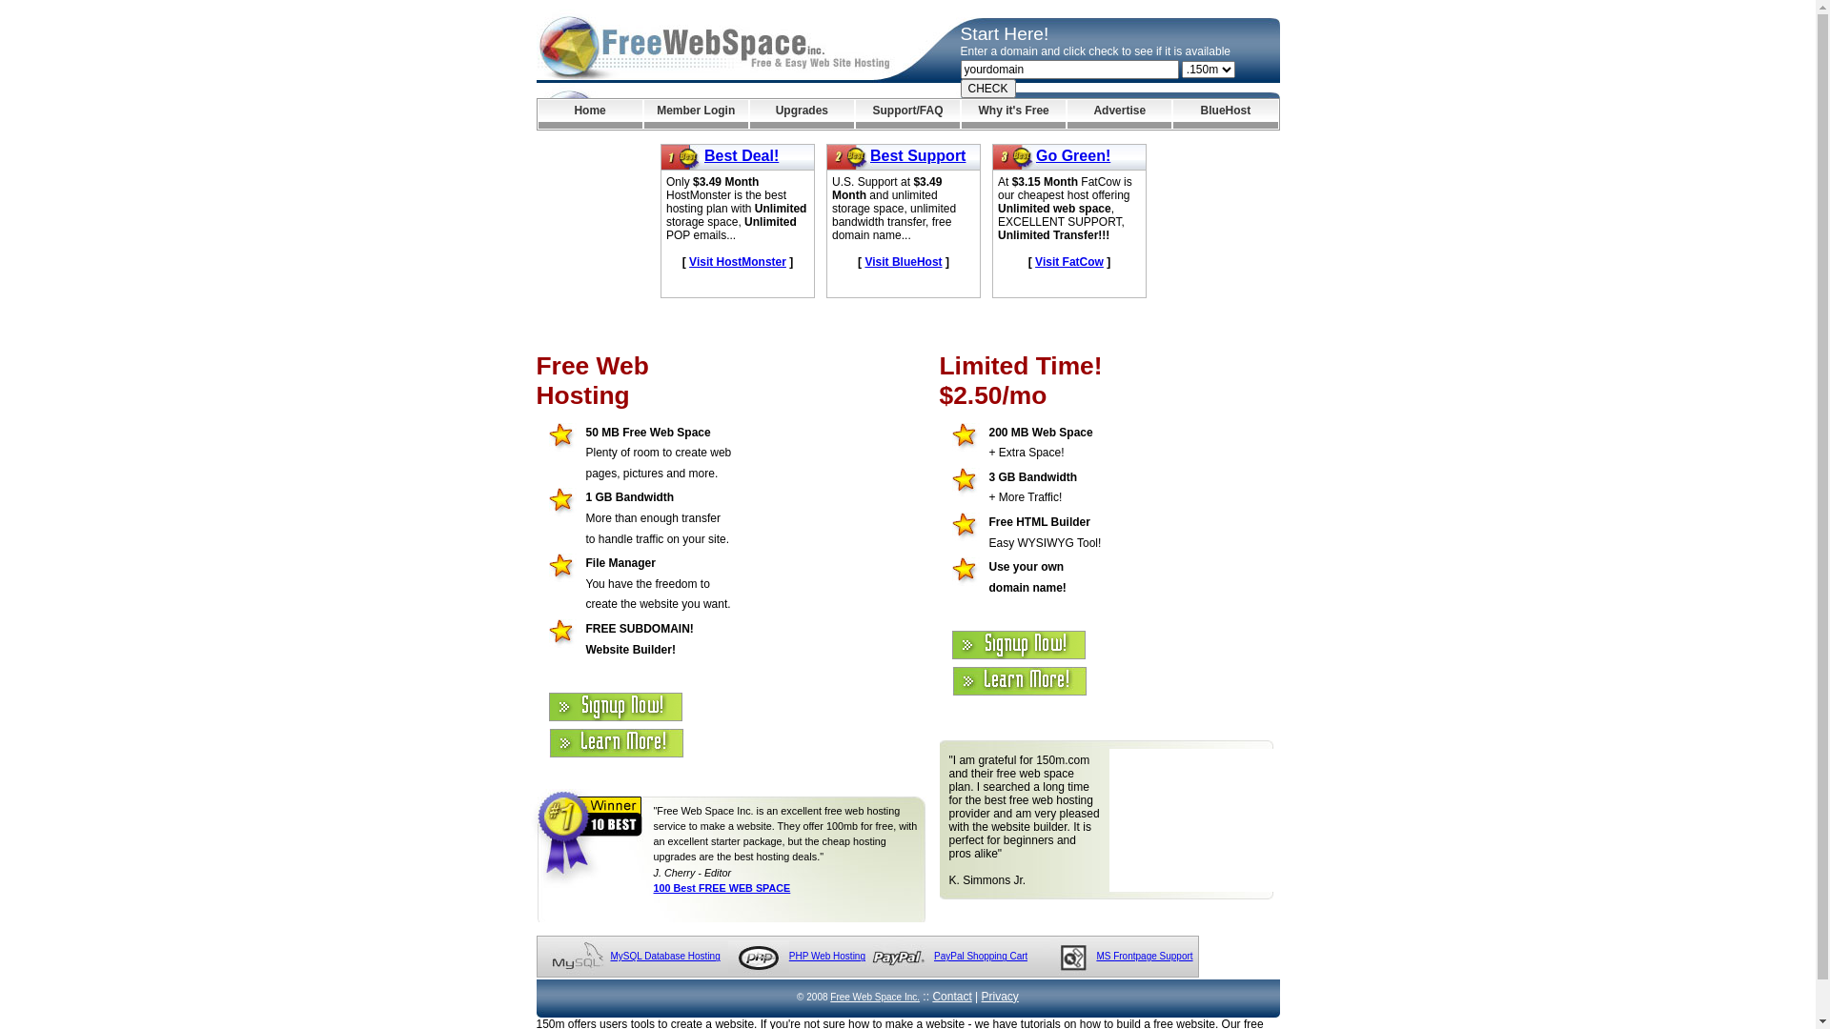 This screenshot has height=1029, width=1830. What do you see at coordinates (951, 995) in the screenshot?
I see `'Contact'` at bounding box center [951, 995].